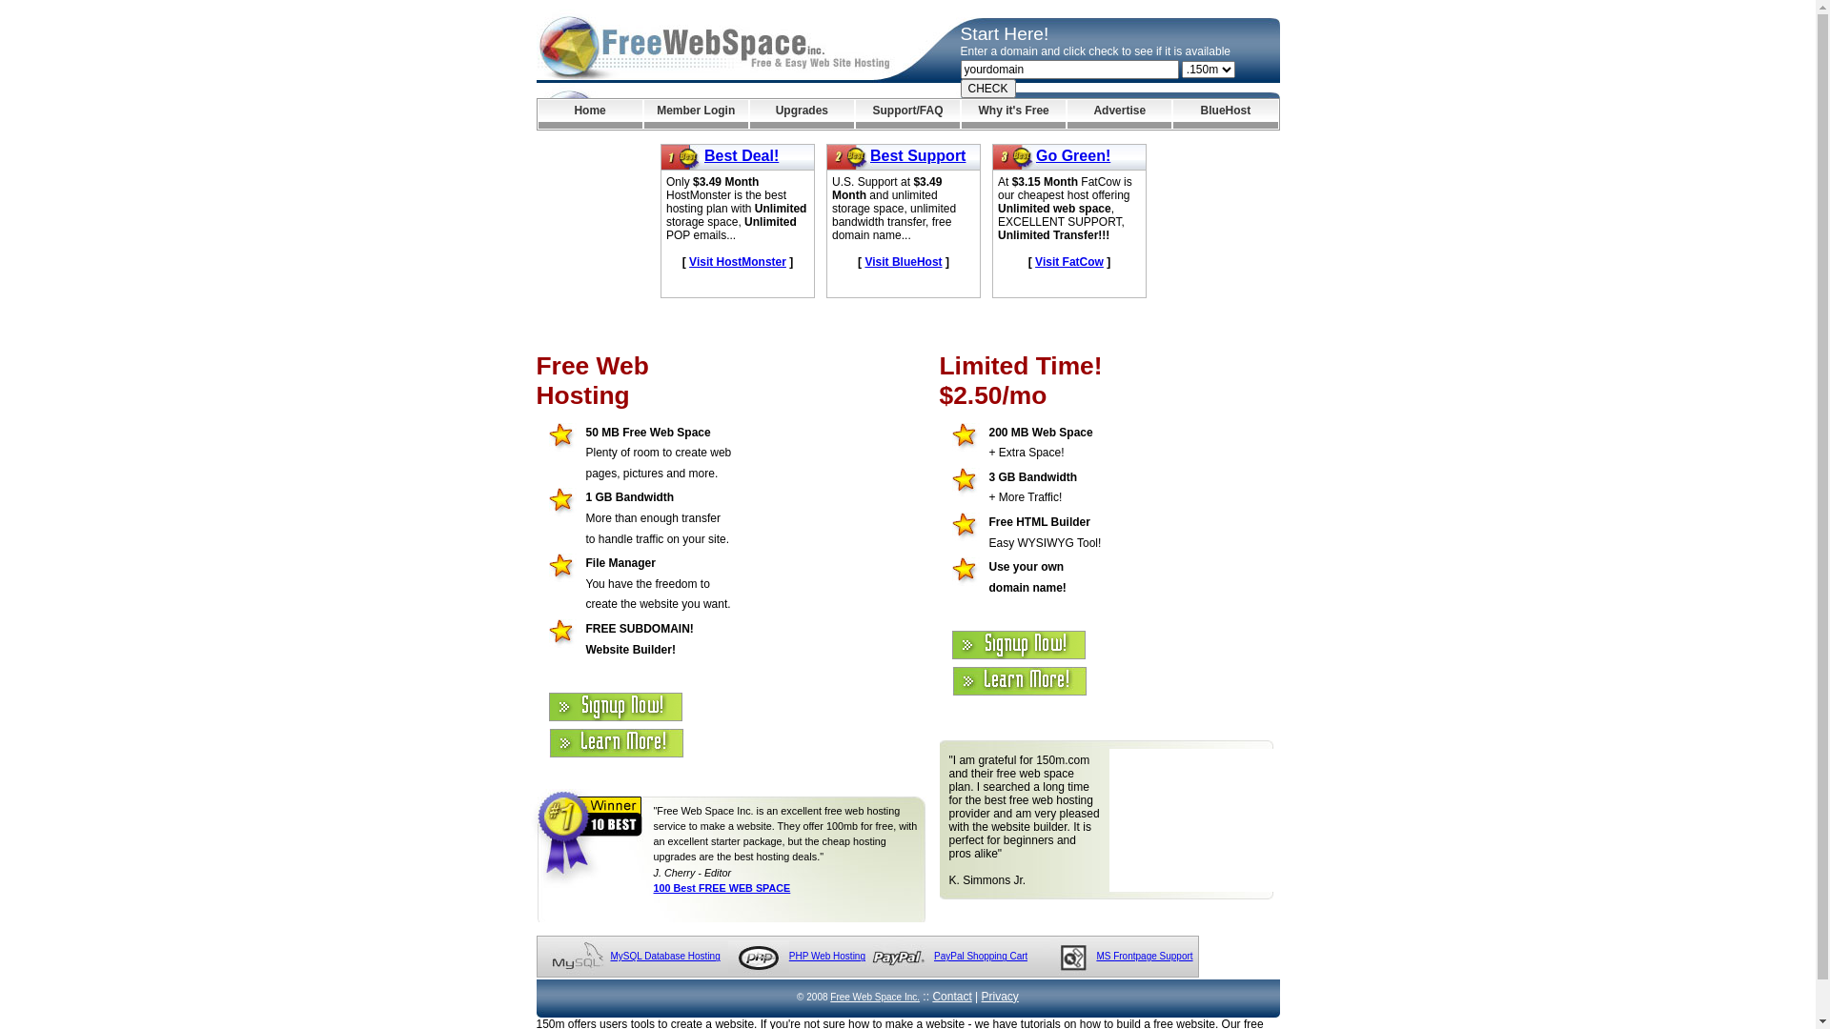 This screenshot has height=1029, width=1830. What do you see at coordinates (951, 995) in the screenshot?
I see `'Contact'` at bounding box center [951, 995].